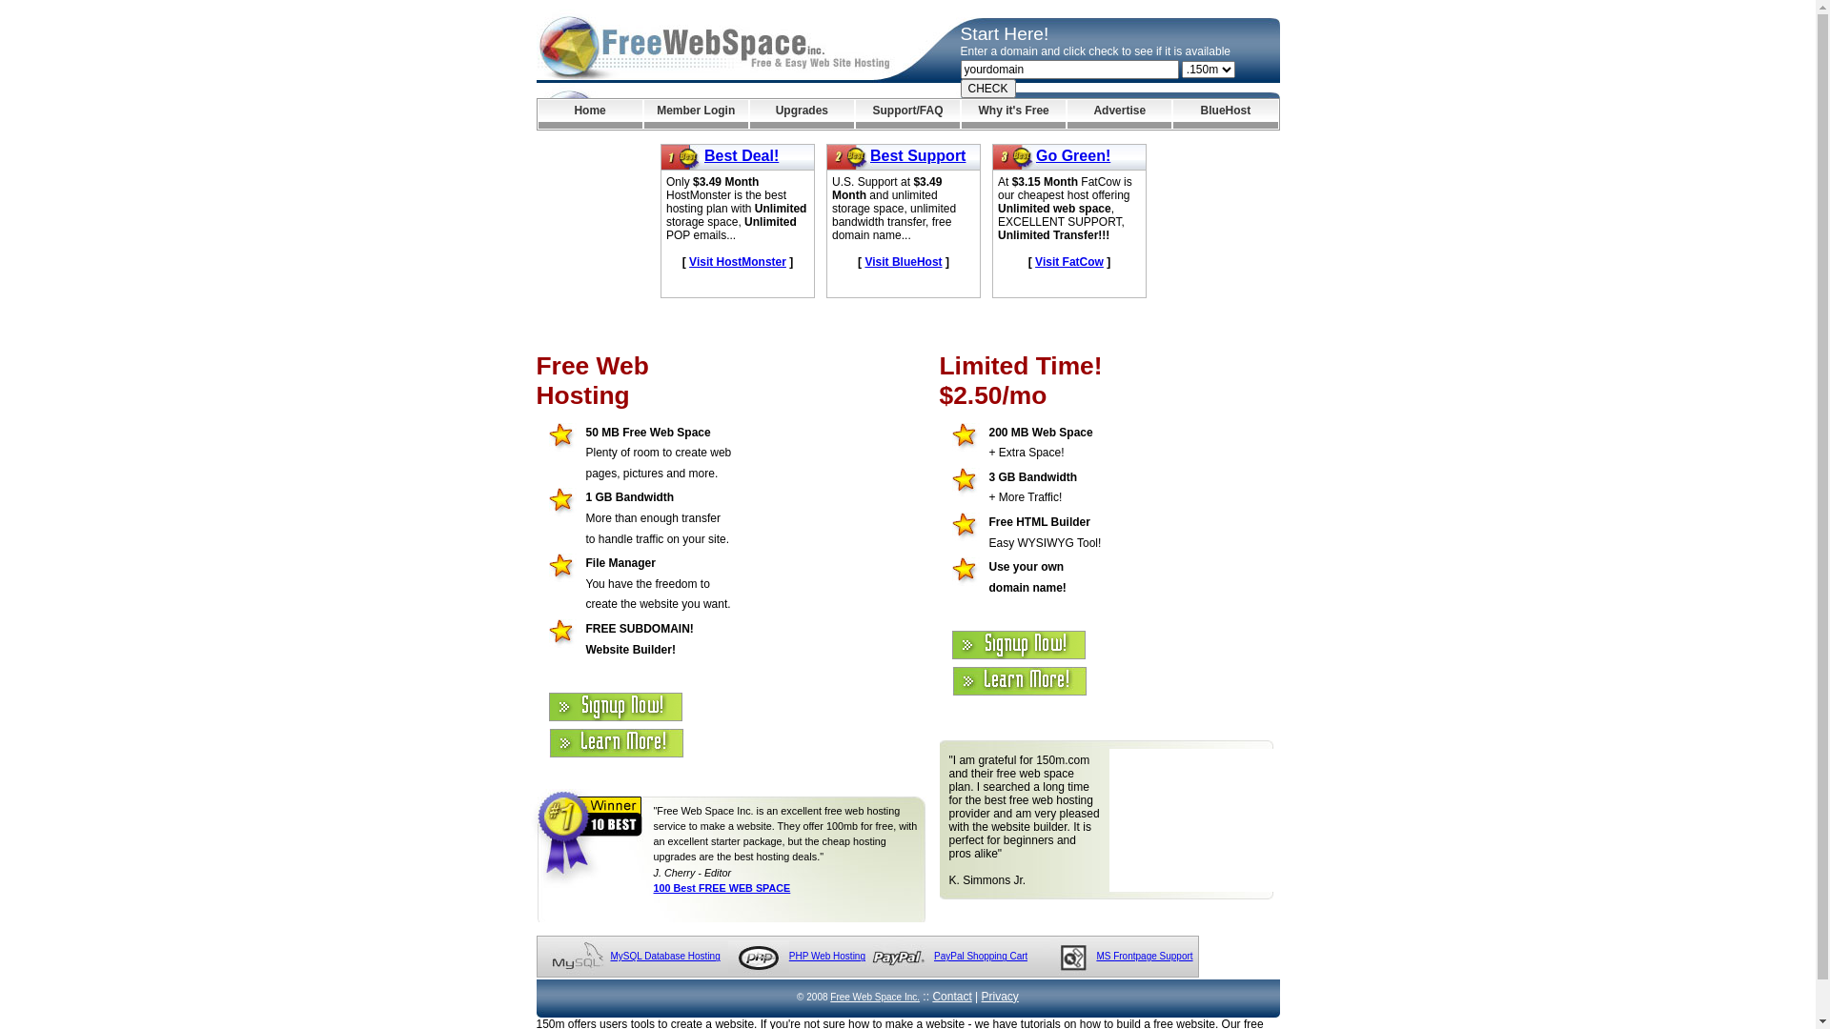 This screenshot has height=1029, width=1830. What do you see at coordinates (951, 995) in the screenshot?
I see `'Contact'` at bounding box center [951, 995].